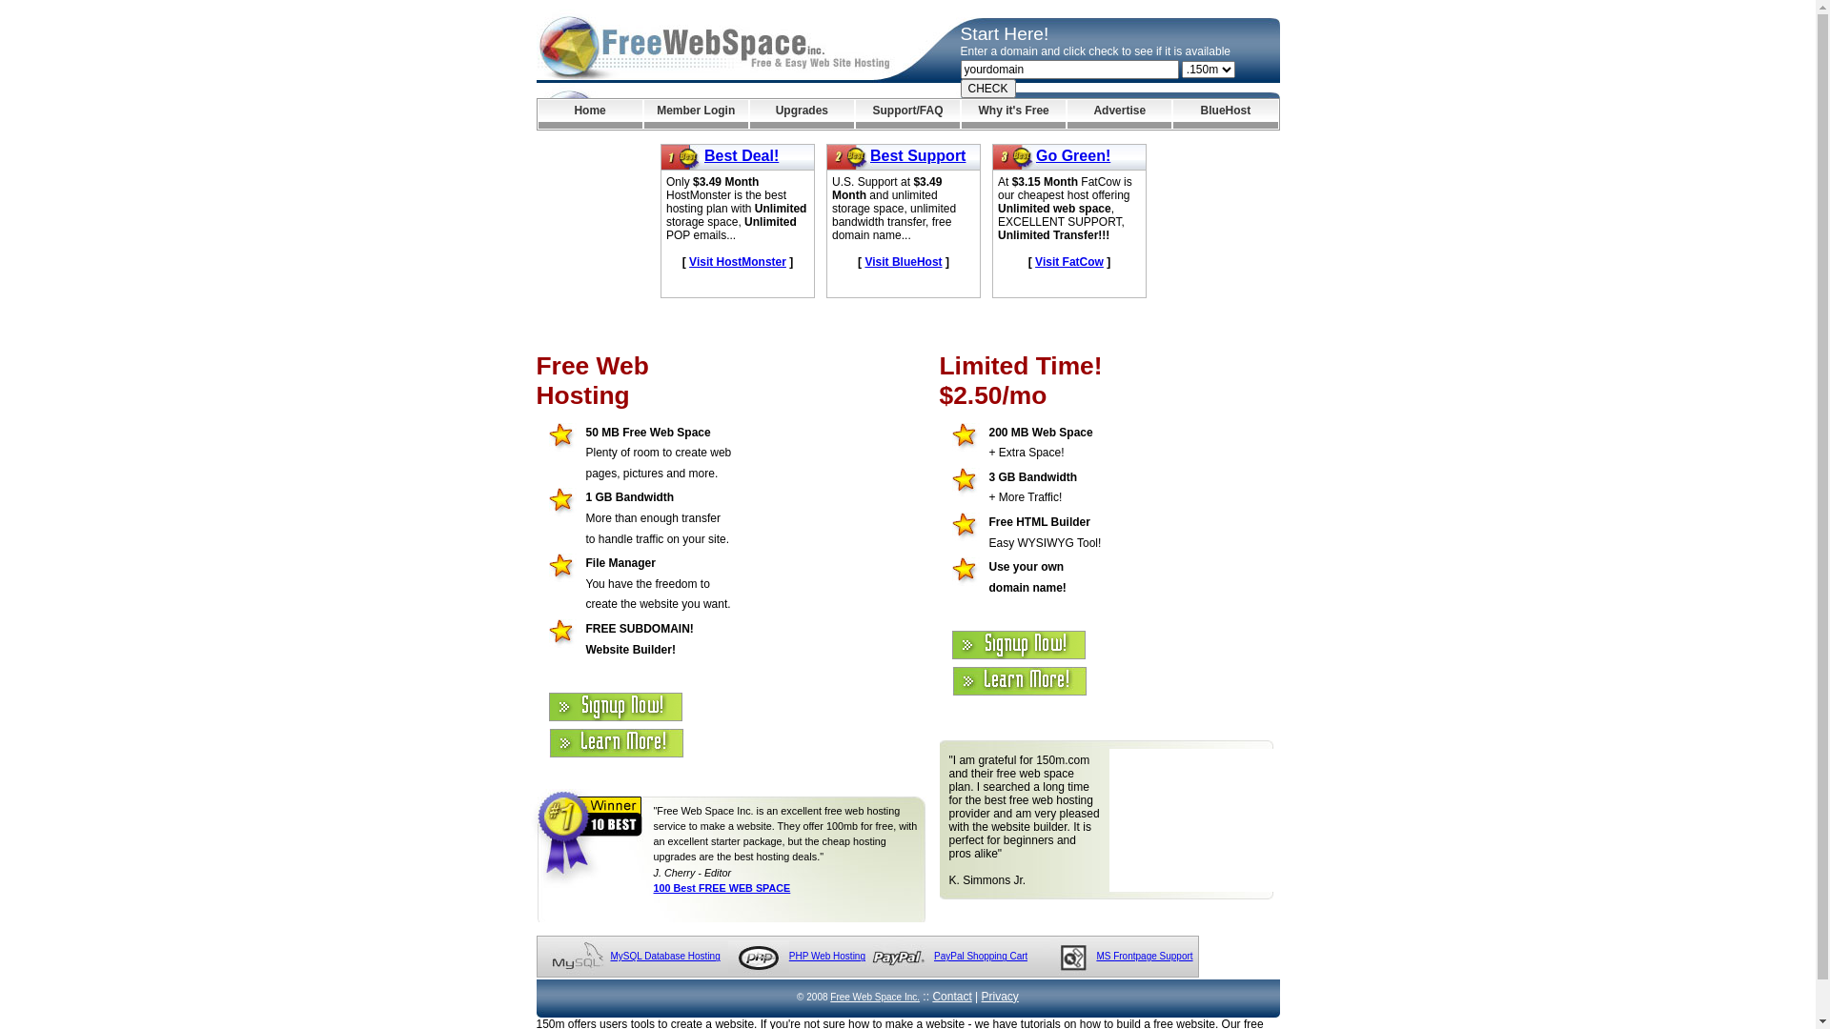 This screenshot has height=1029, width=1830. What do you see at coordinates (951, 995) in the screenshot?
I see `'Contact'` at bounding box center [951, 995].